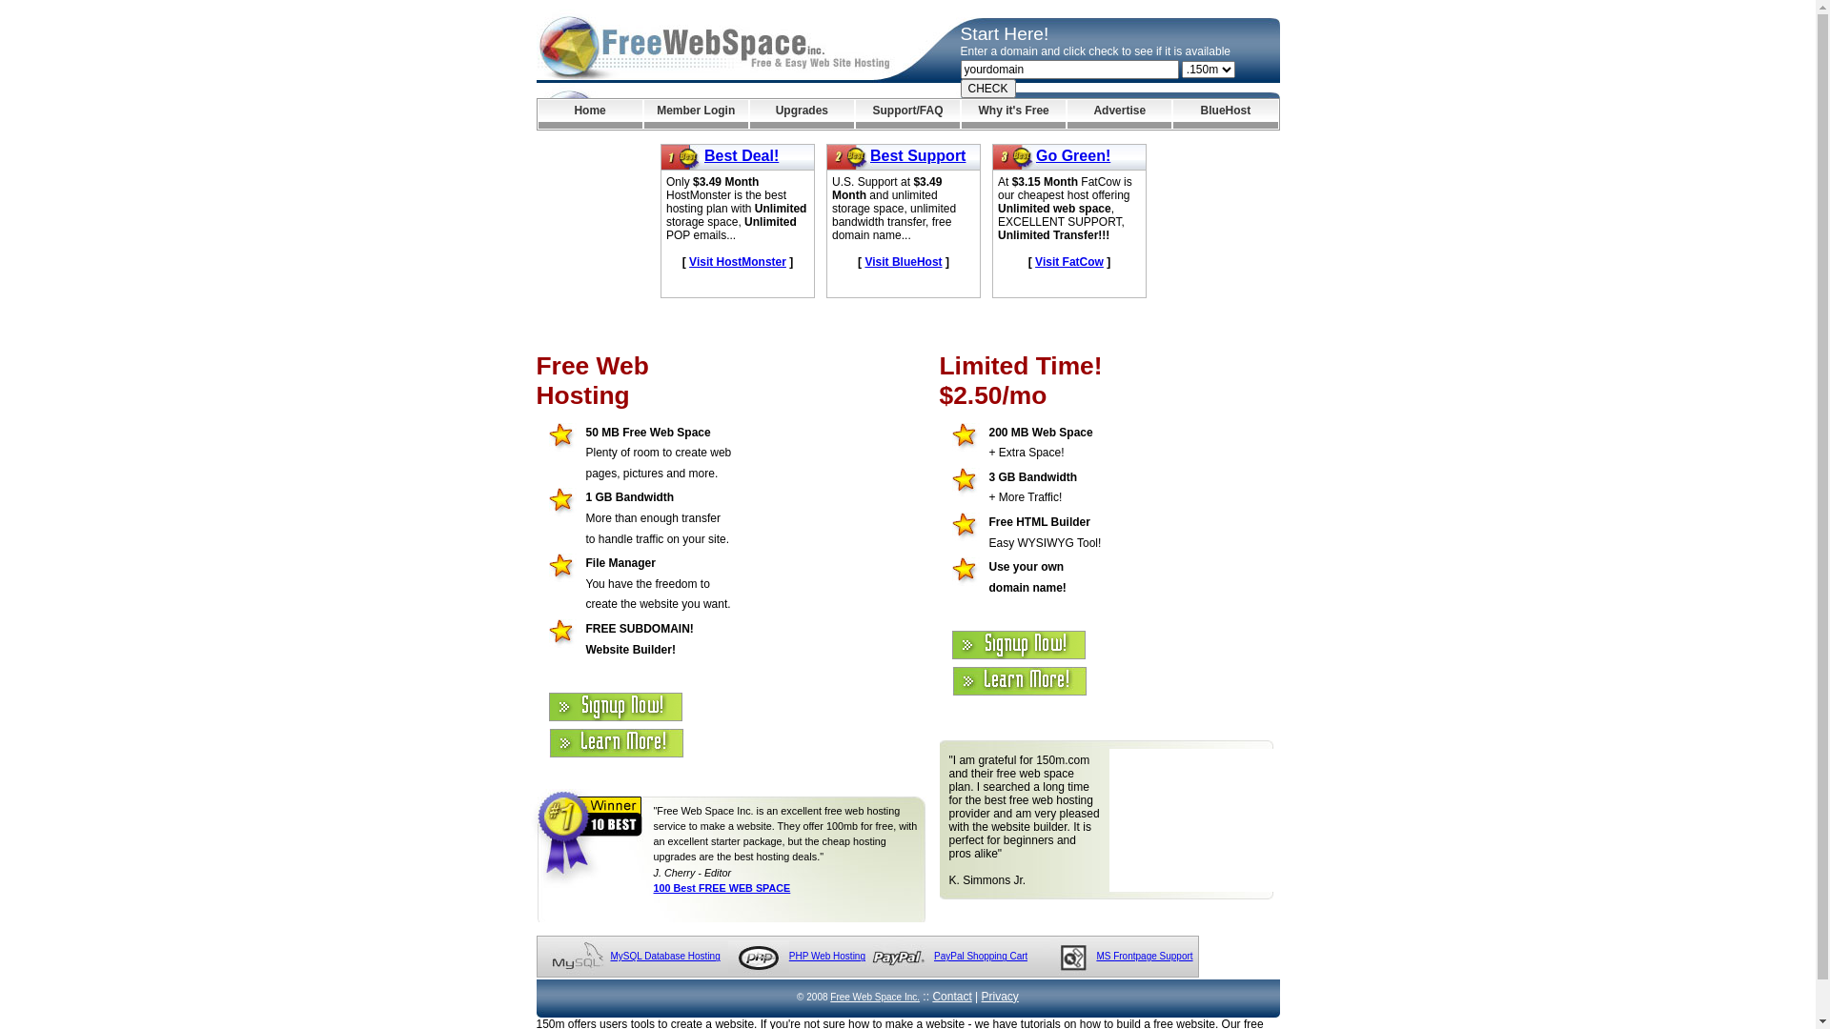 This screenshot has height=1029, width=1830. What do you see at coordinates (951, 995) in the screenshot?
I see `'Contact'` at bounding box center [951, 995].